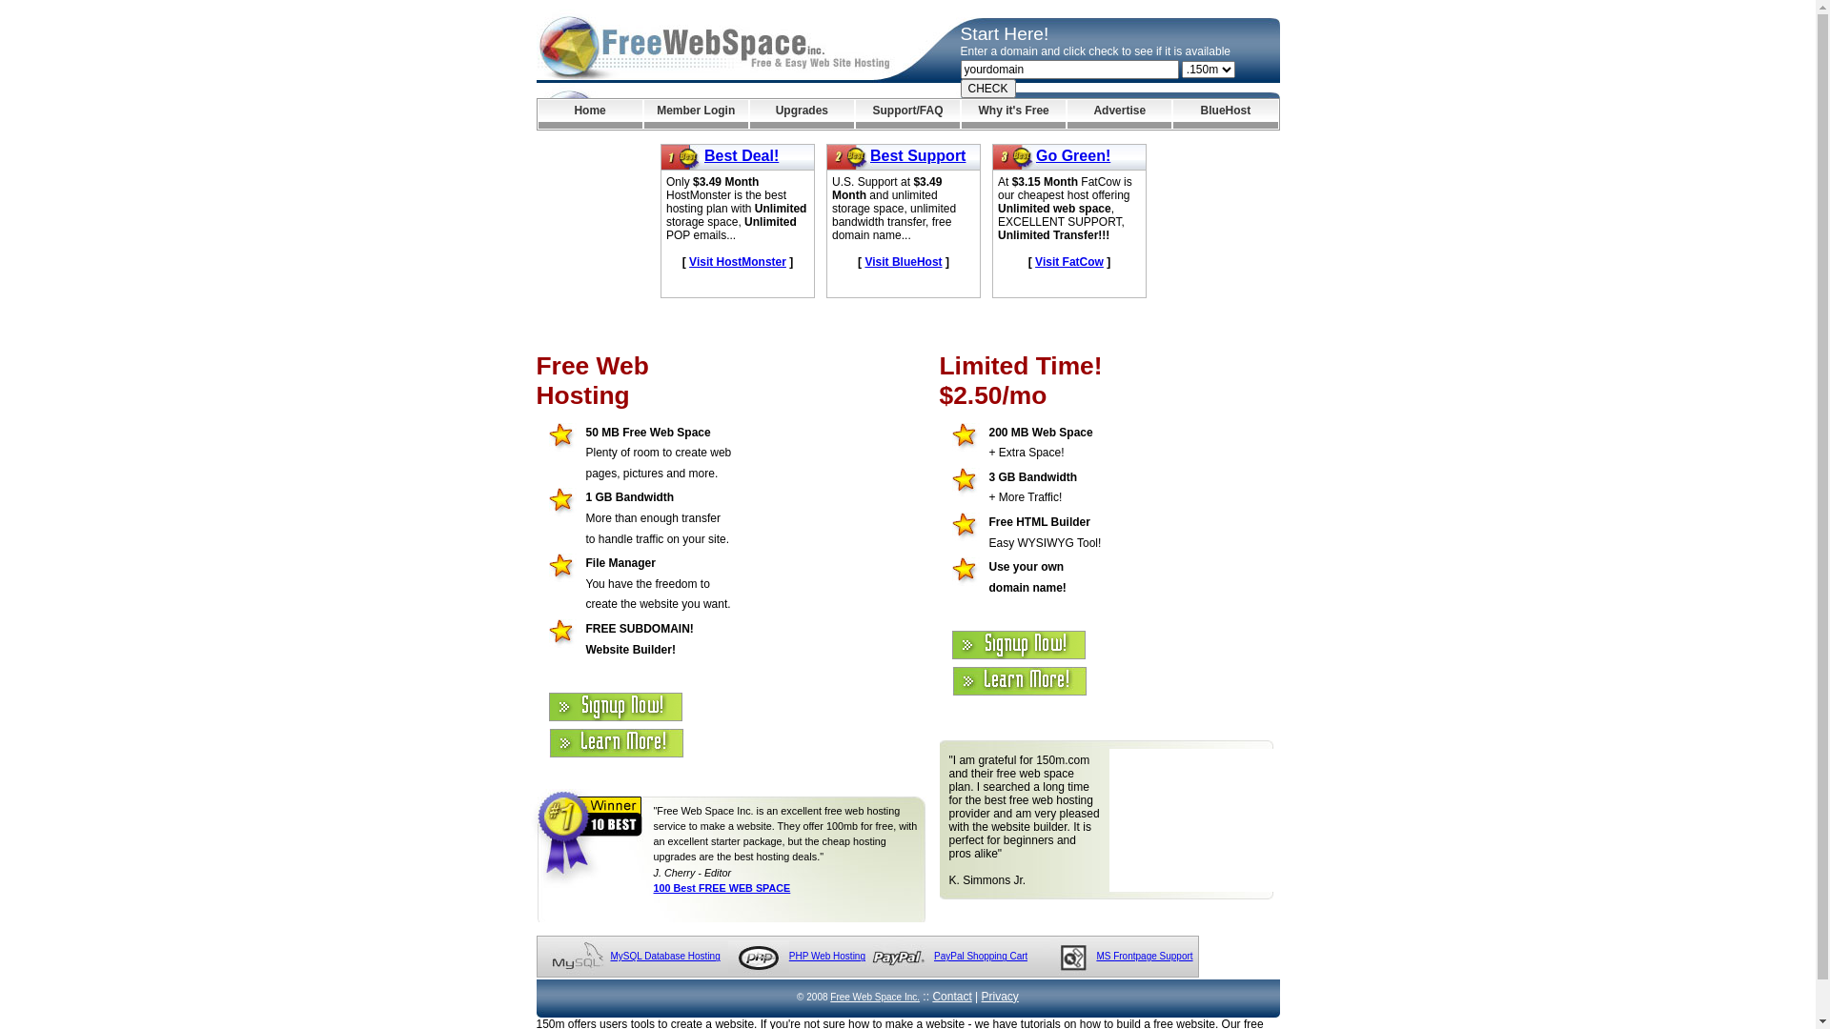 This screenshot has height=1029, width=1830. What do you see at coordinates (951, 995) in the screenshot?
I see `'Contact'` at bounding box center [951, 995].